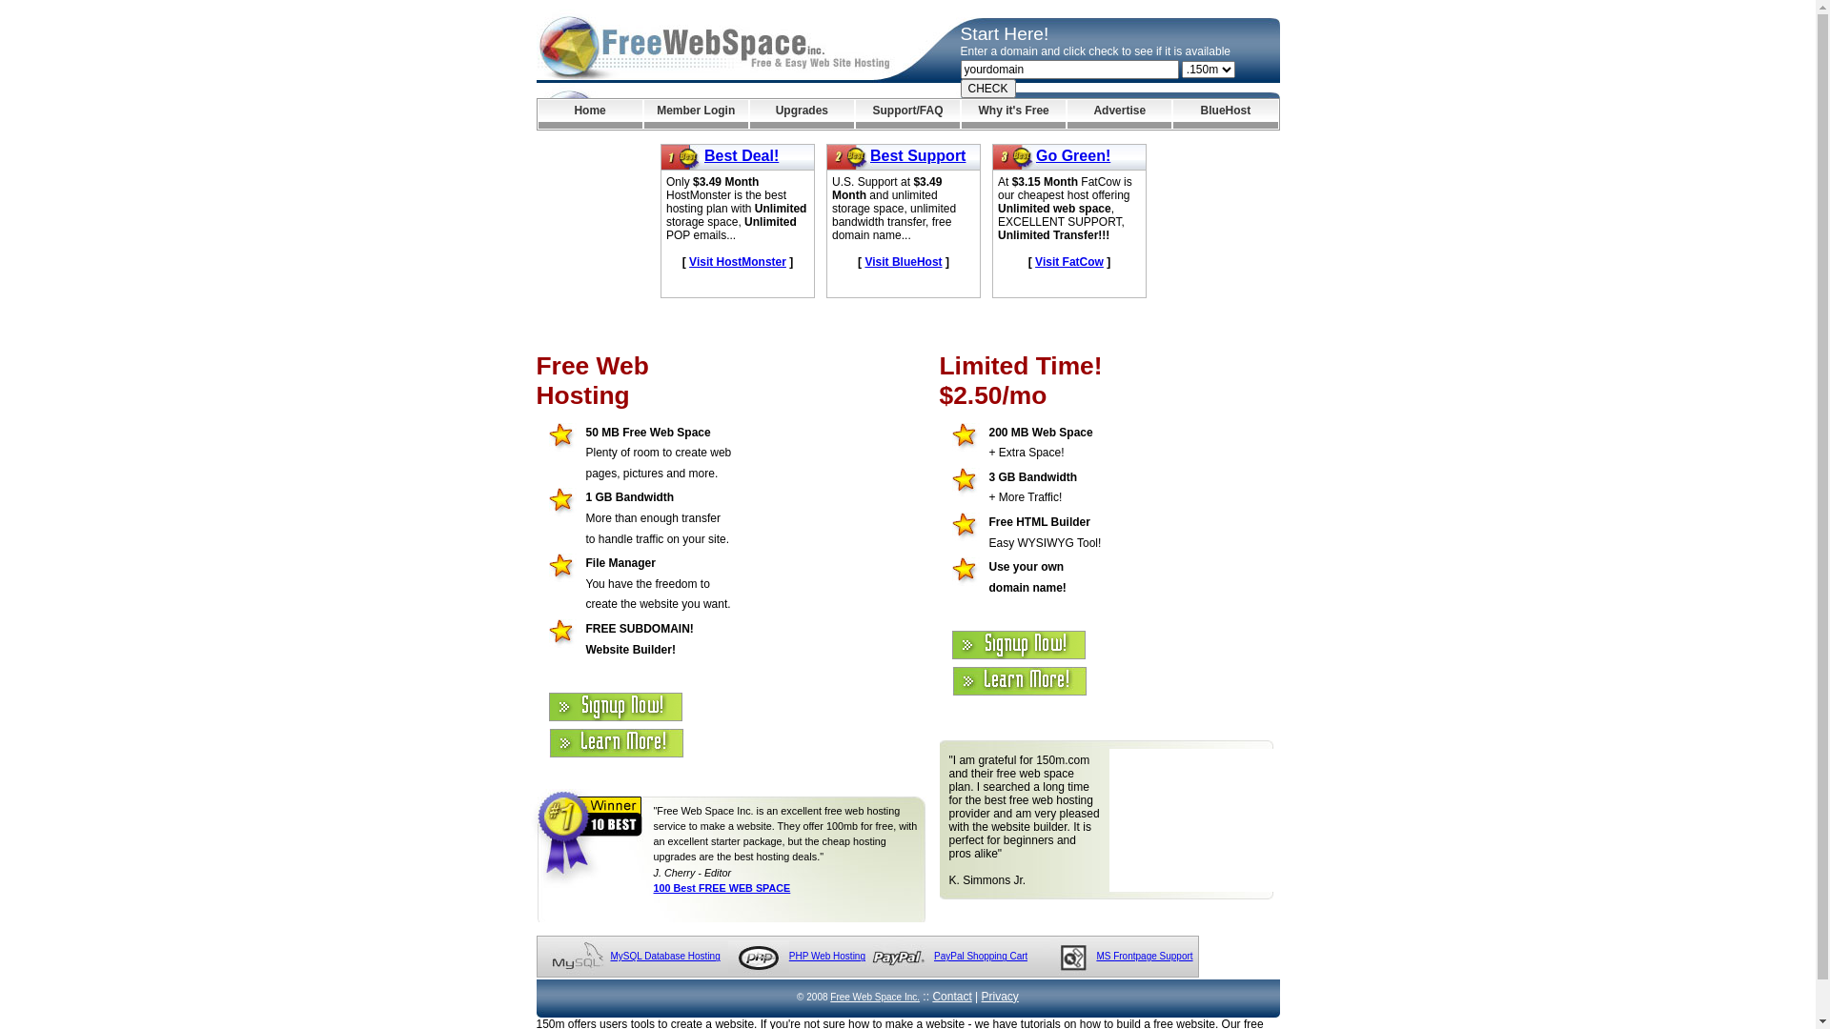 This screenshot has height=1029, width=1830. What do you see at coordinates (951, 995) in the screenshot?
I see `'Contact'` at bounding box center [951, 995].